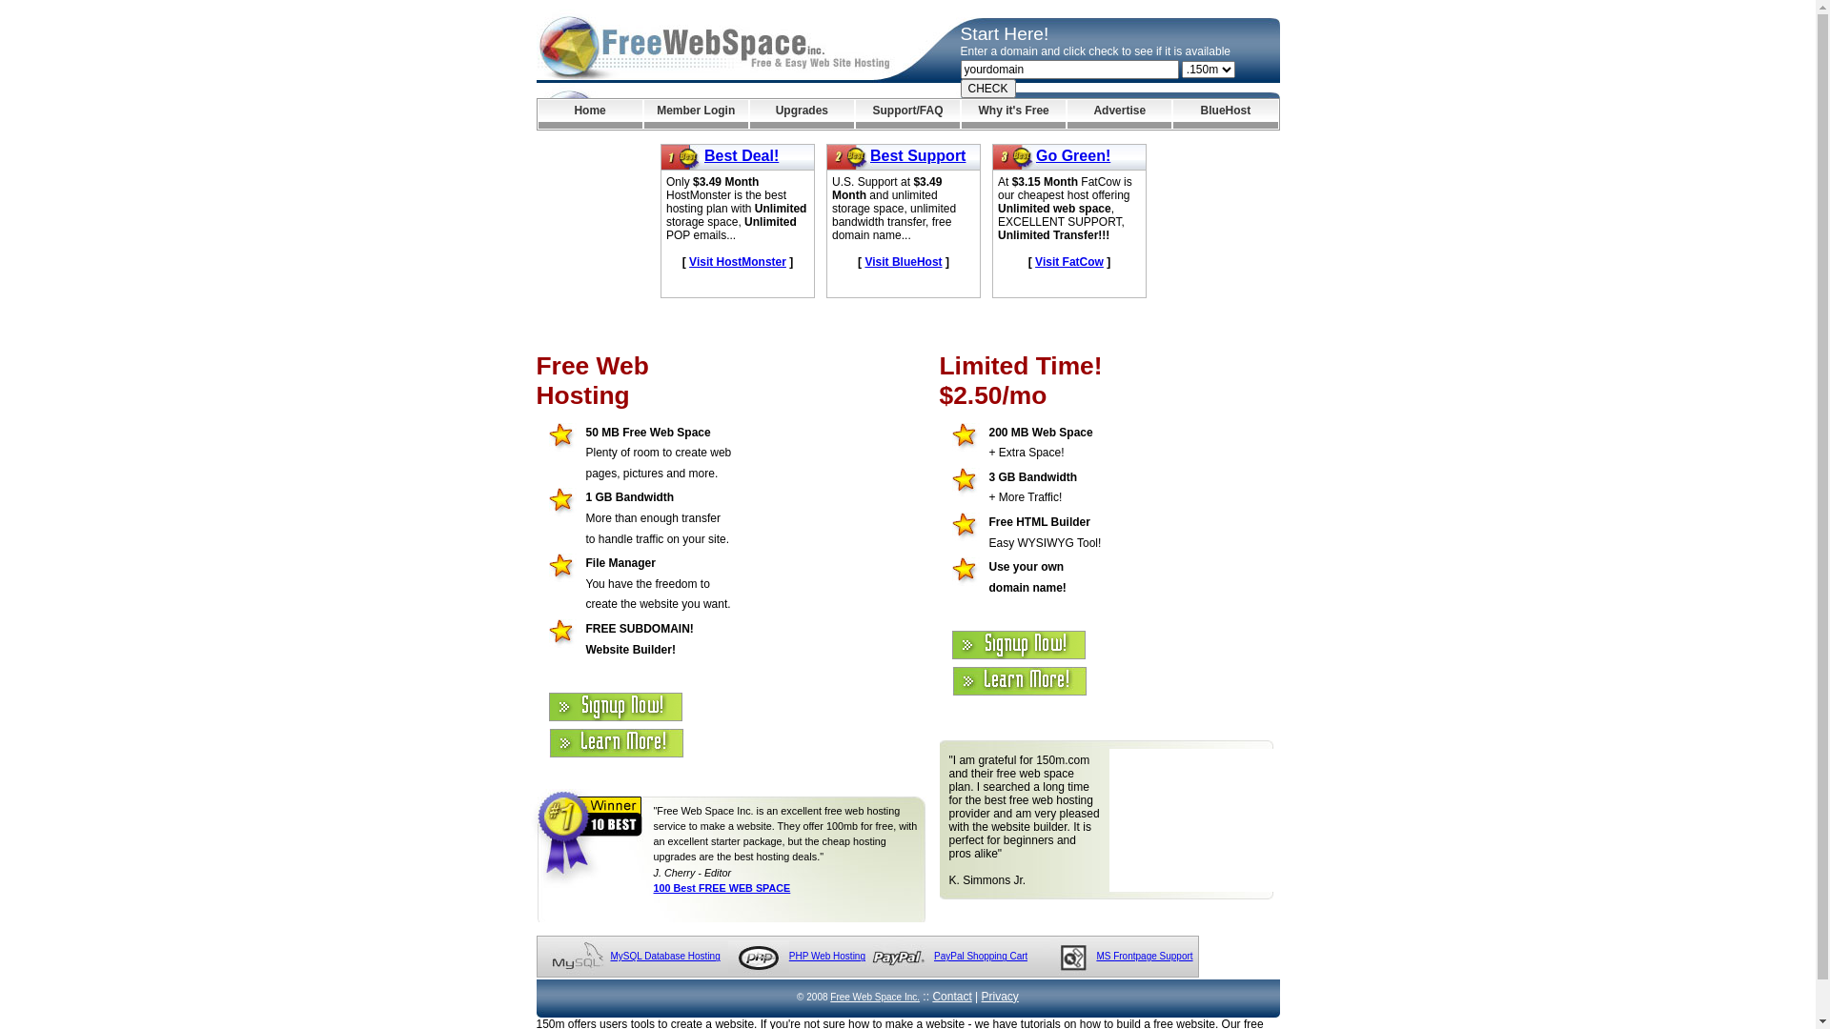 This screenshot has height=1029, width=1830. What do you see at coordinates (951, 995) in the screenshot?
I see `'Contact'` at bounding box center [951, 995].